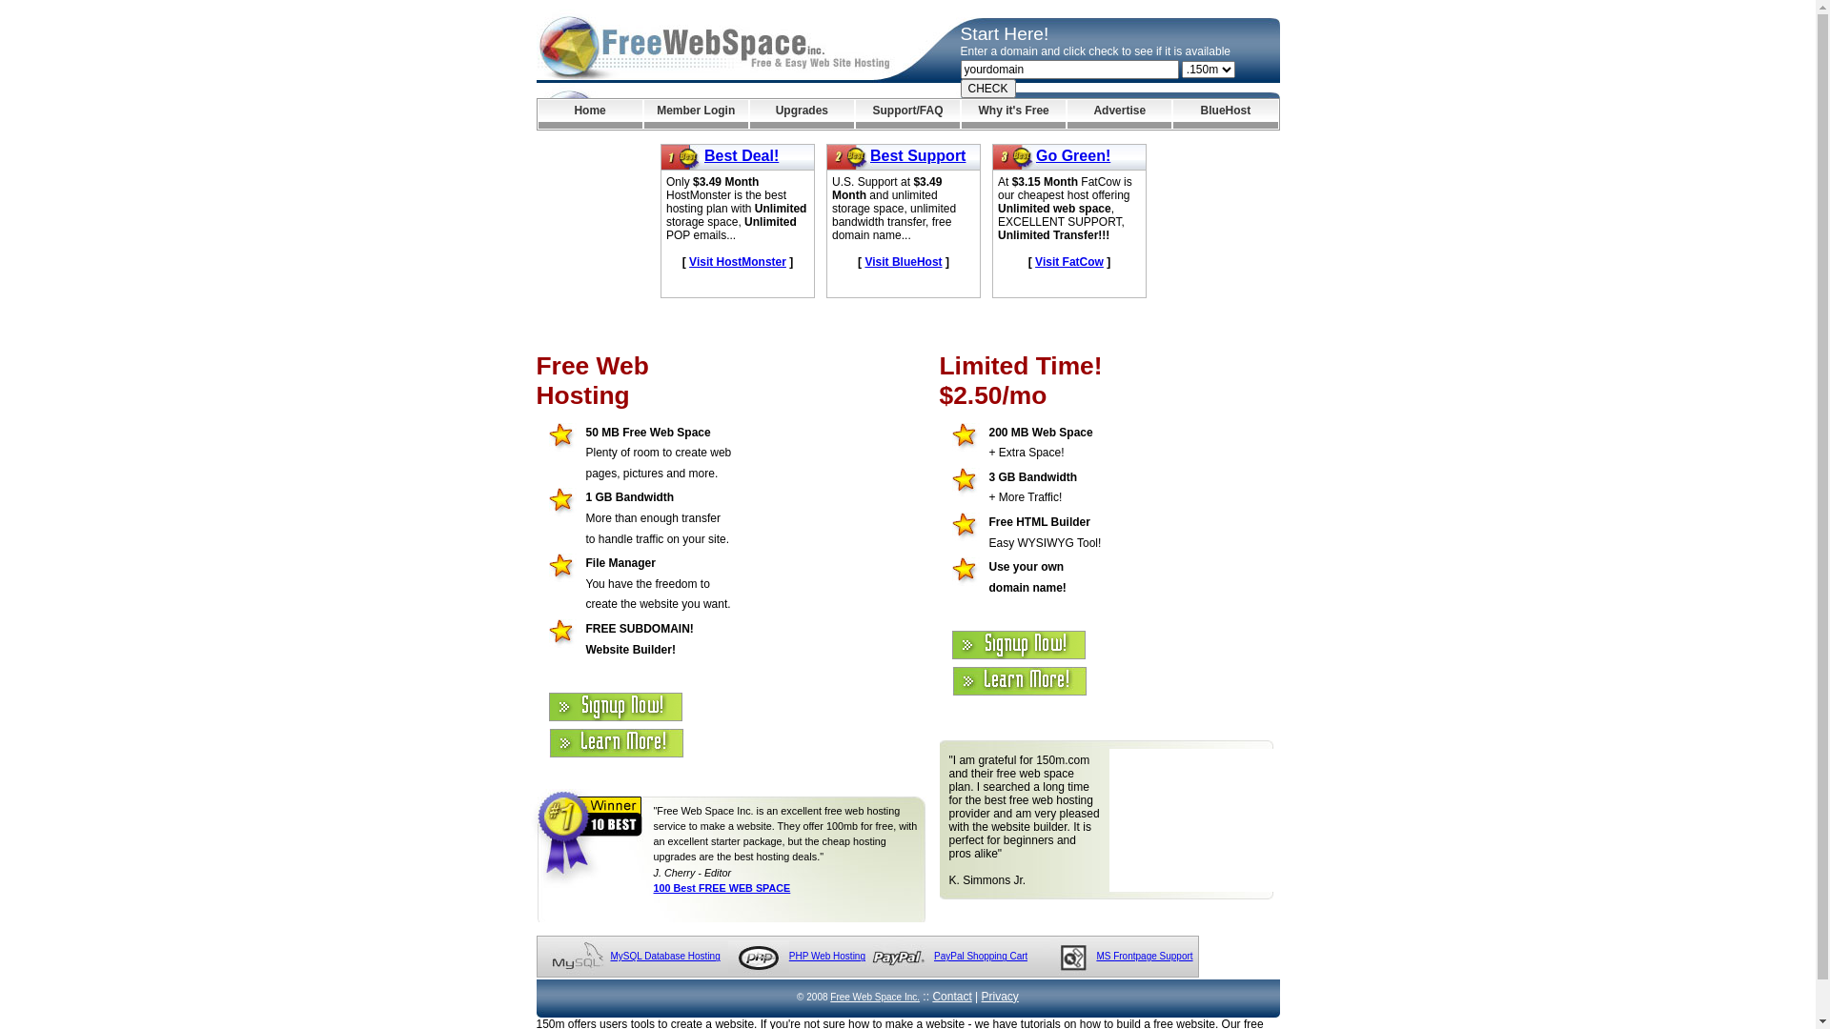 This screenshot has height=1029, width=1830. What do you see at coordinates (951, 995) in the screenshot?
I see `'Contact'` at bounding box center [951, 995].